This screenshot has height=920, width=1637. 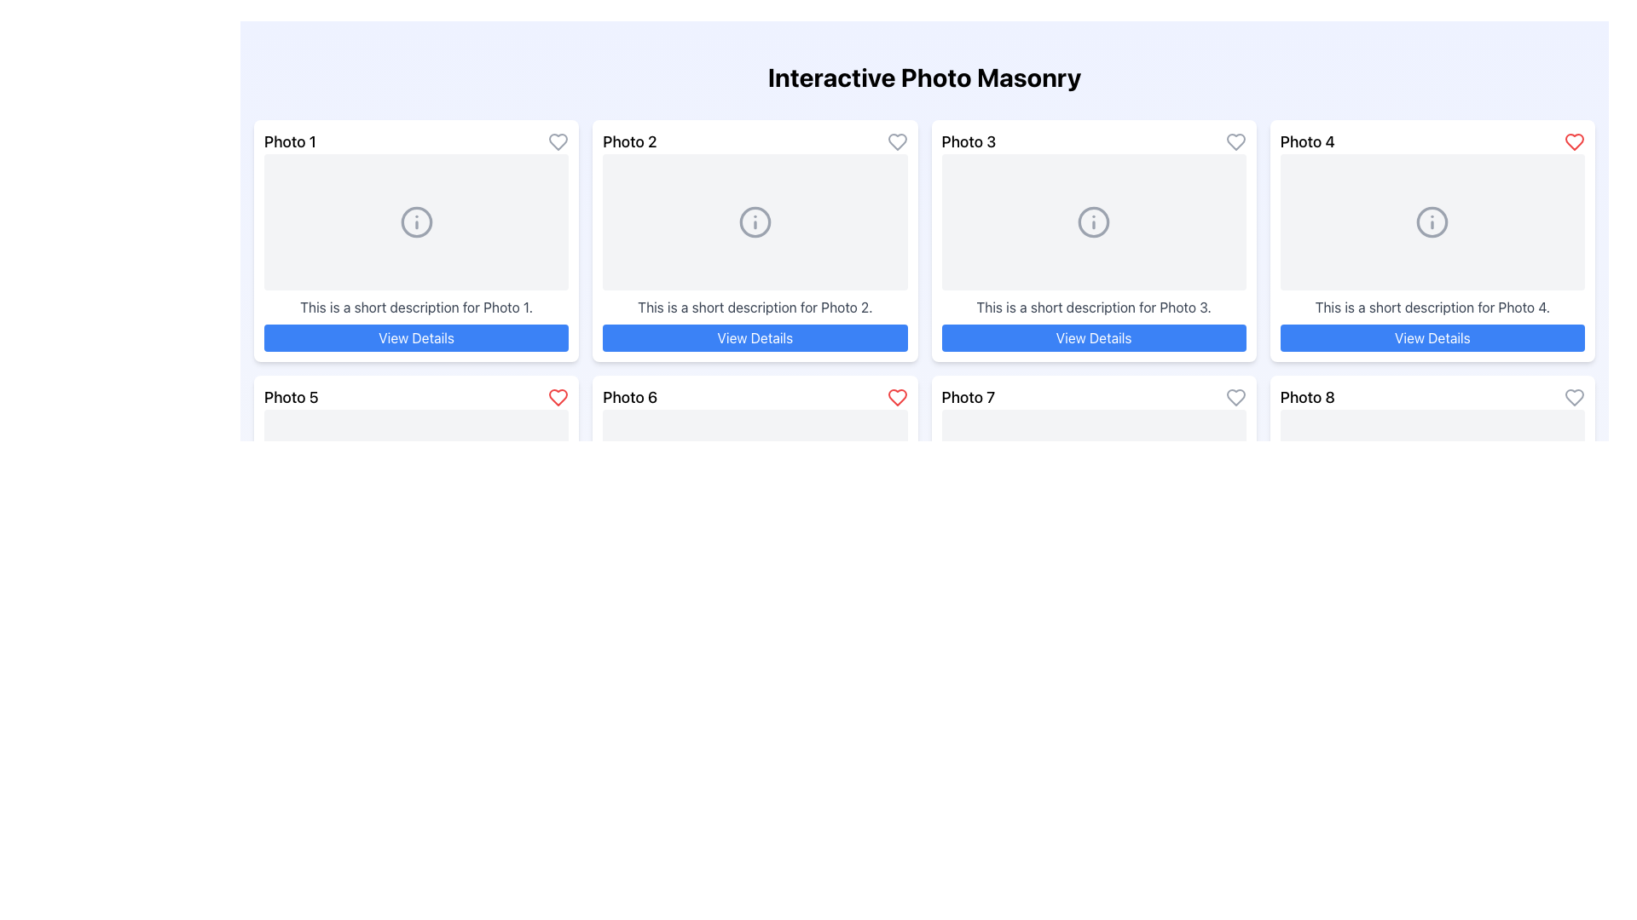 I want to click on the rounded circle element of the circular information icon located in the third 'Photo' grid item's image placeholder from the left in the top row, so click(x=1094, y=221).